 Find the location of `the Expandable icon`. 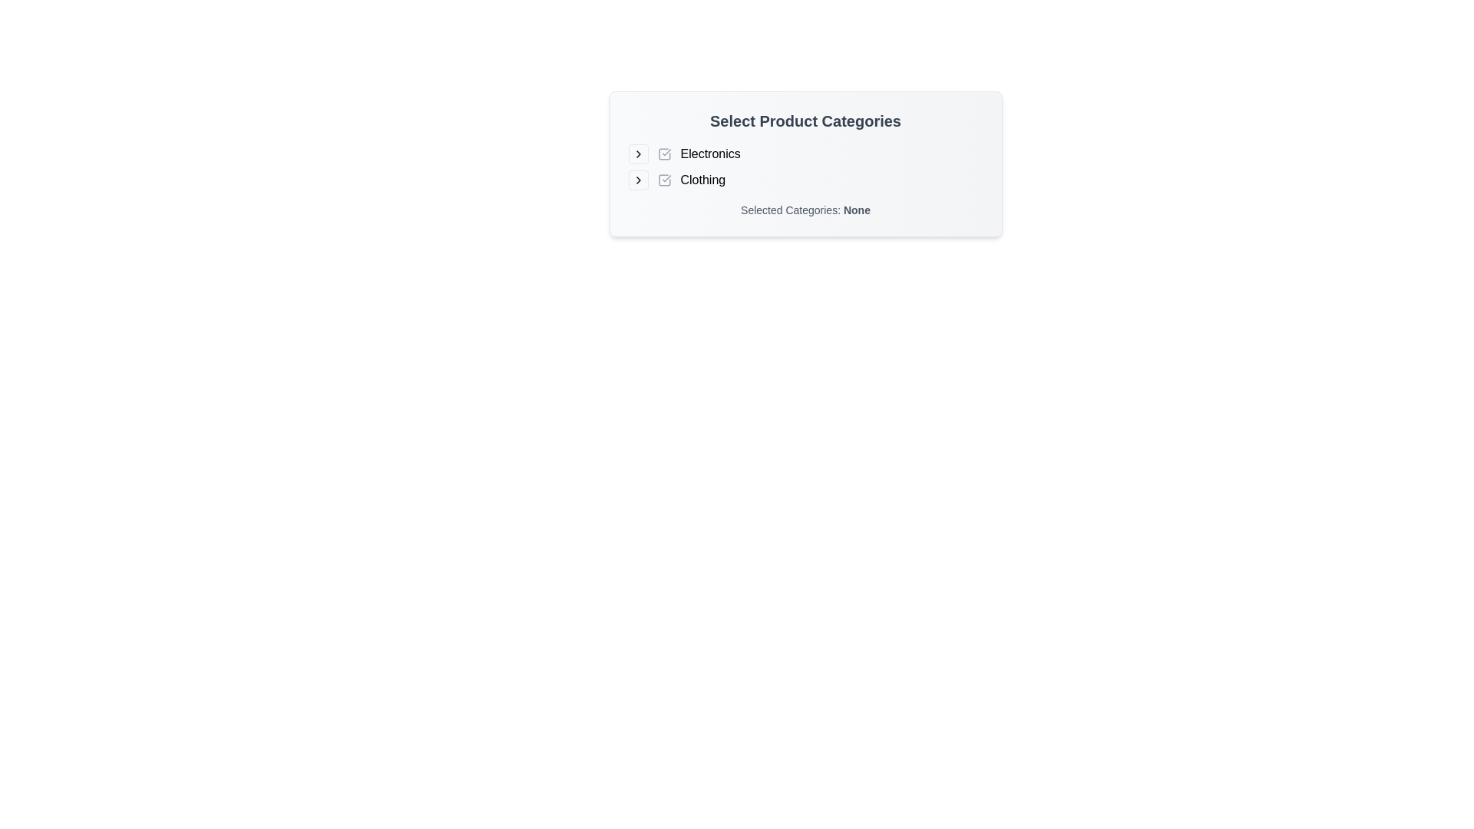

the Expandable icon is located at coordinates (638, 180).